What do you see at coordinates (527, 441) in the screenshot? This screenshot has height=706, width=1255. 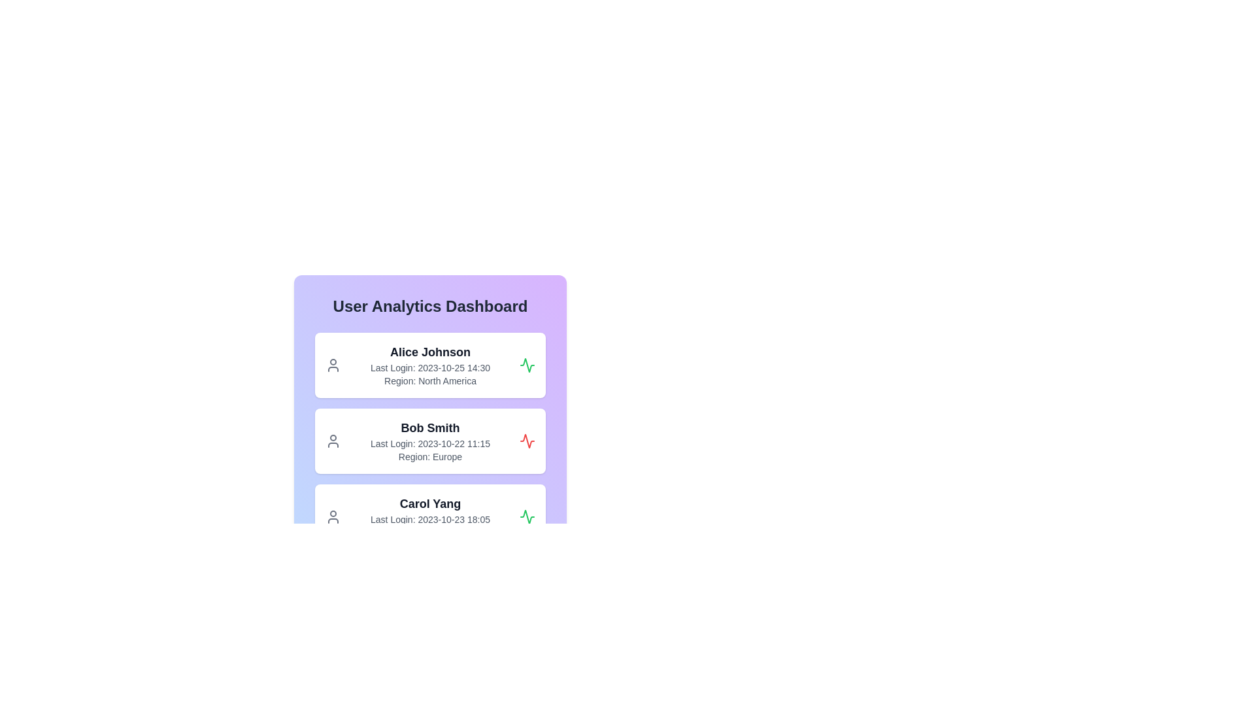 I see `the status indicator icon located to the right of the text 'Bob Smith - Last Login: 2023-10-22 11:15 - Region: Europe'` at bounding box center [527, 441].